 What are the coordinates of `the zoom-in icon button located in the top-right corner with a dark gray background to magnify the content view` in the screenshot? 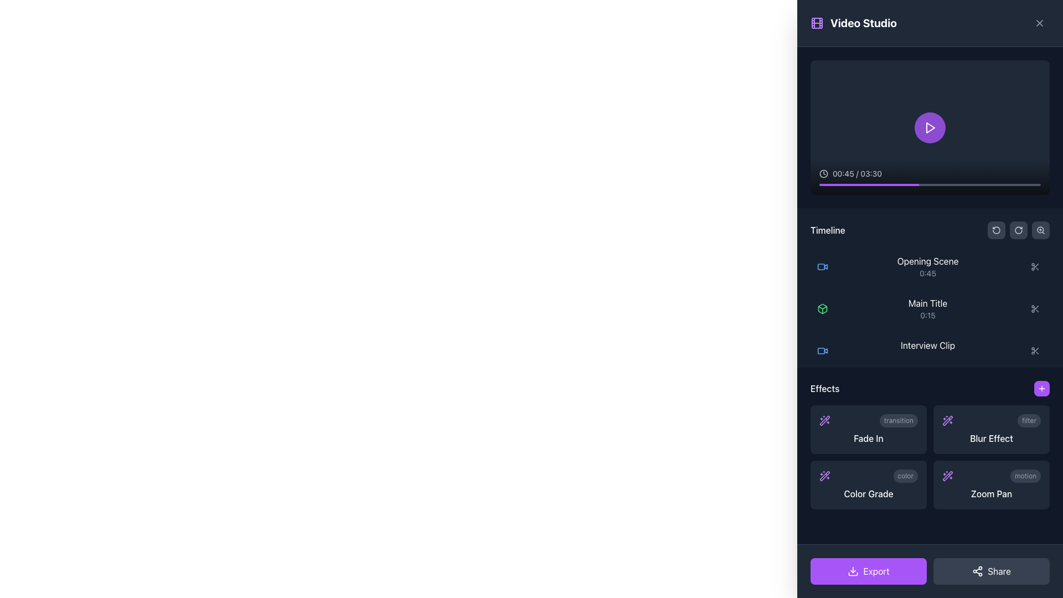 It's located at (1040, 230).